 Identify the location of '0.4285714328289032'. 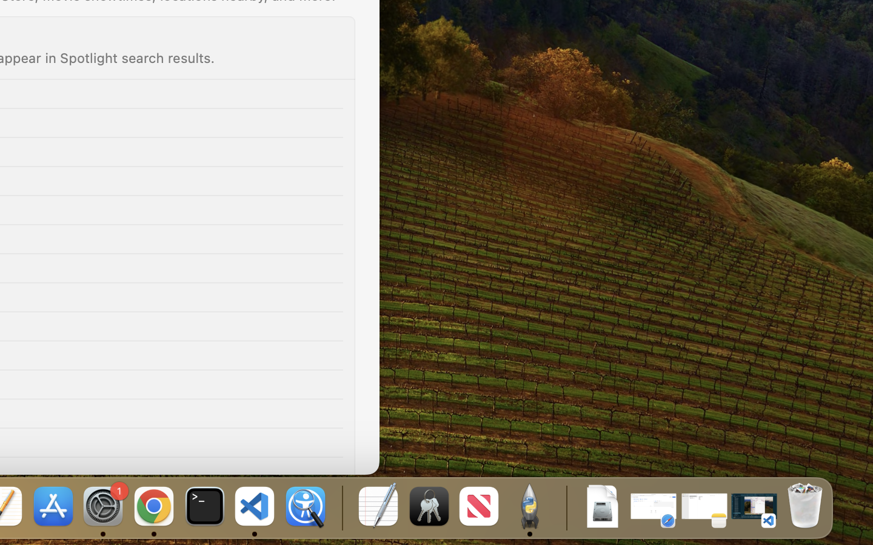
(341, 507).